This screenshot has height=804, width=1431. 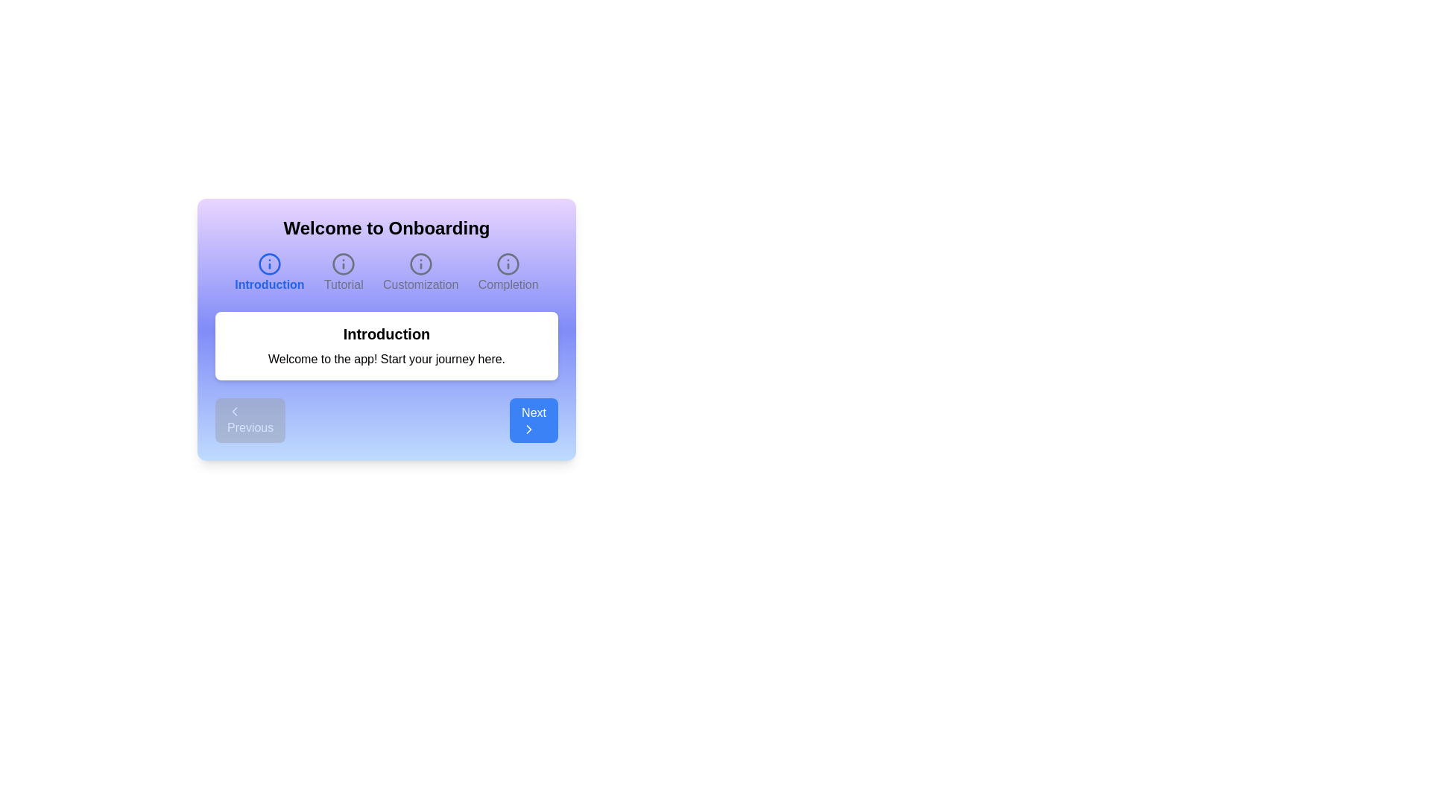 What do you see at coordinates (386, 272) in the screenshot?
I see `the active stage in the horizontal navigation bar with progress indicators` at bounding box center [386, 272].